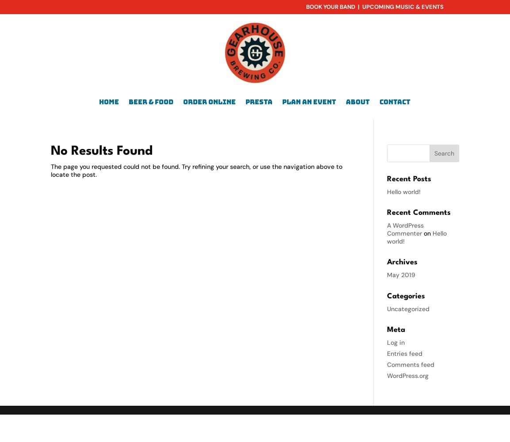  What do you see at coordinates (387, 353) in the screenshot?
I see `'Entries feed'` at bounding box center [387, 353].